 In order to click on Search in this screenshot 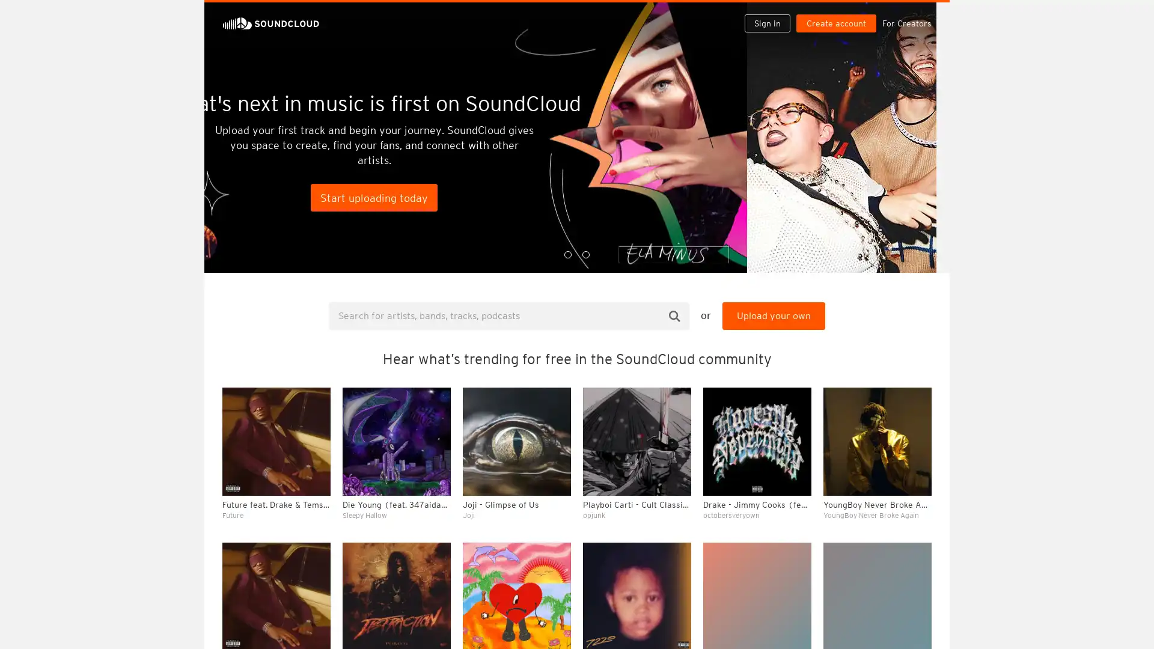, I will do `click(674, 315)`.